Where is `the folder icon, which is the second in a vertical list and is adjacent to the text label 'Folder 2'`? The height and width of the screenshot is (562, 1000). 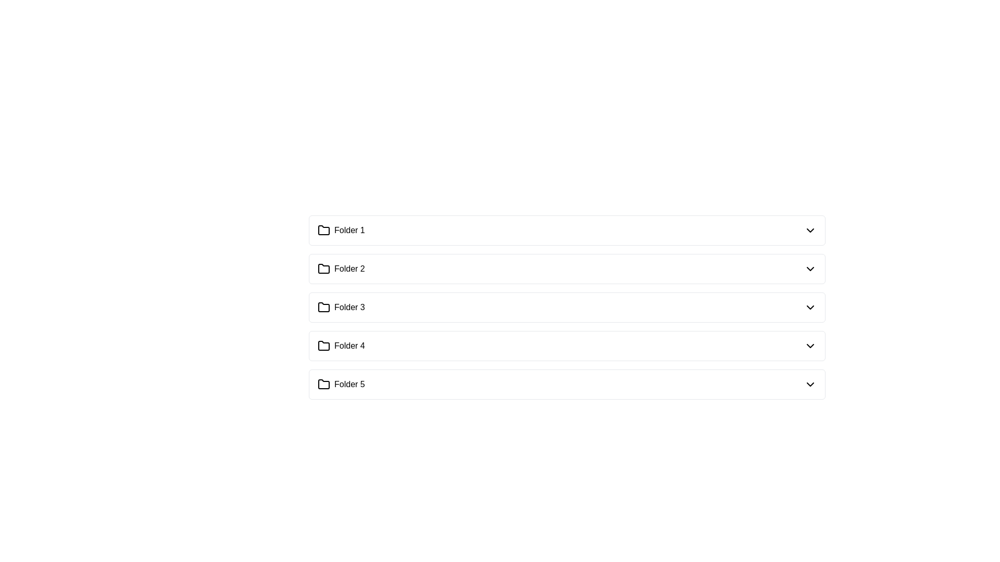
the folder icon, which is the second in a vertical list and is adjacent to the text label 'Folder 2' is located at coordinates (323, 268).